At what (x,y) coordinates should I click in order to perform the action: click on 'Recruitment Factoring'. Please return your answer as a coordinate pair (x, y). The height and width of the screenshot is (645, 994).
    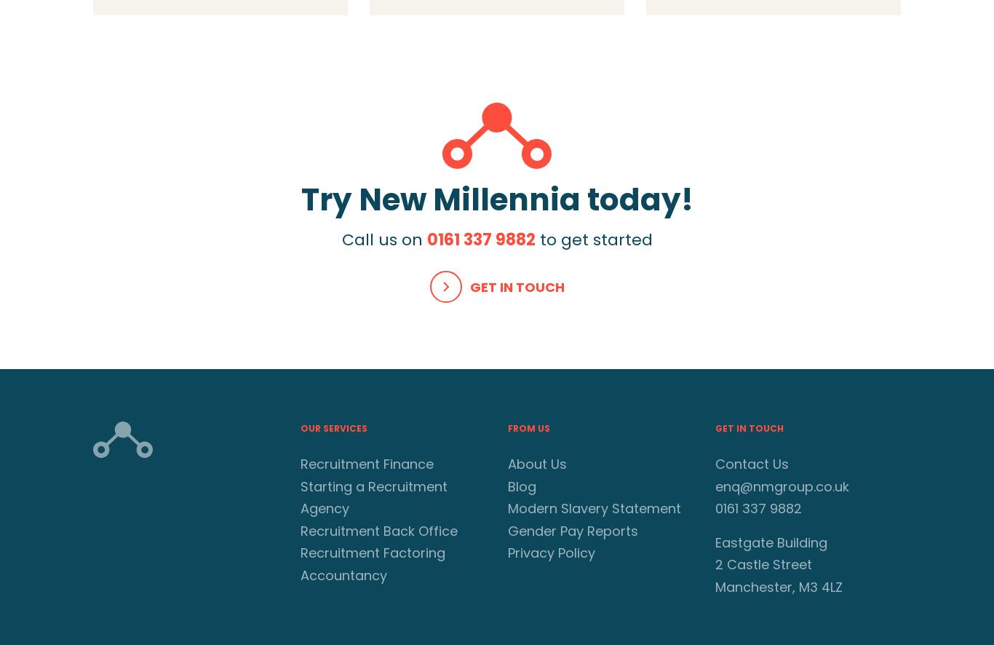
    Looking at the image, I should click on (373, 552).